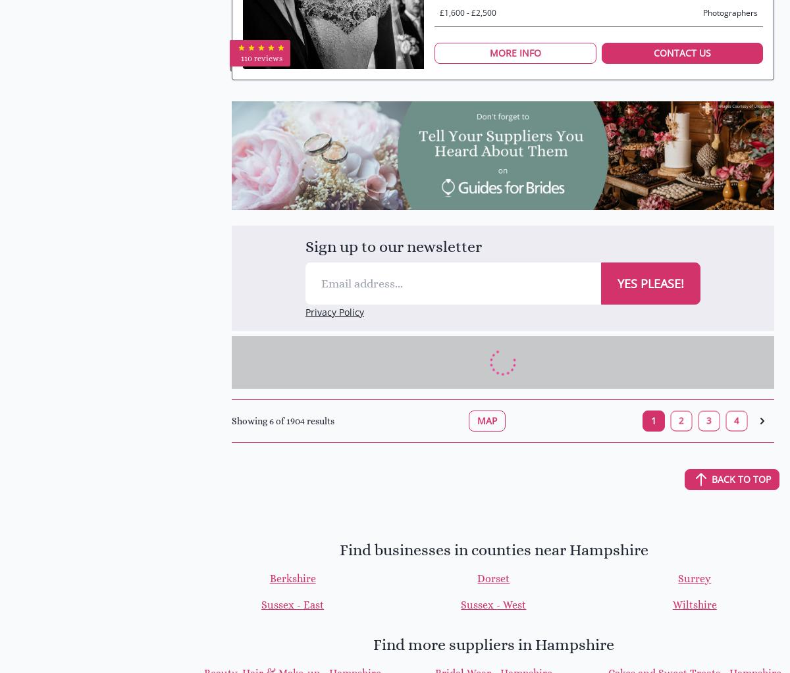 Image resolution: width=790 pixels, height=673 pixels. I want to click on '3', so click(708, 420).